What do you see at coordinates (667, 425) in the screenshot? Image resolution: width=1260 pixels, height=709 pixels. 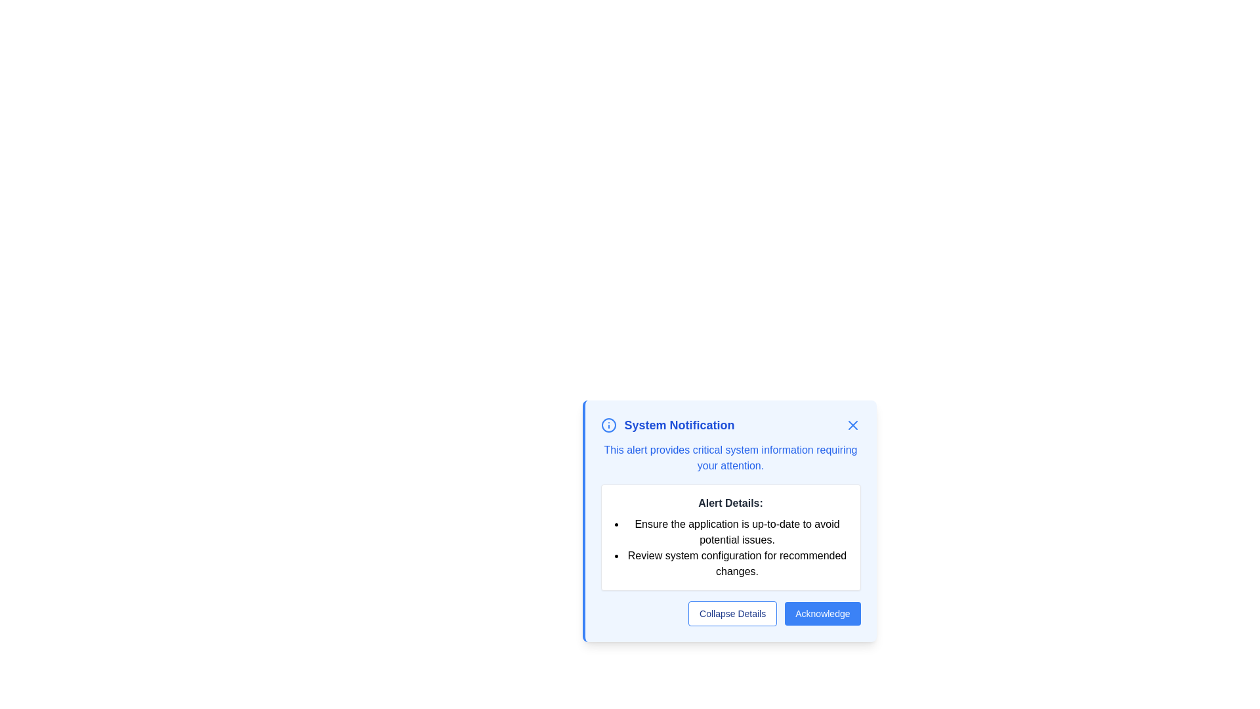 I see `the Text label with an accompanying icon located at the upper part of the modal dialog, which serves as the title of the modal` at bounding box center [667, 425].